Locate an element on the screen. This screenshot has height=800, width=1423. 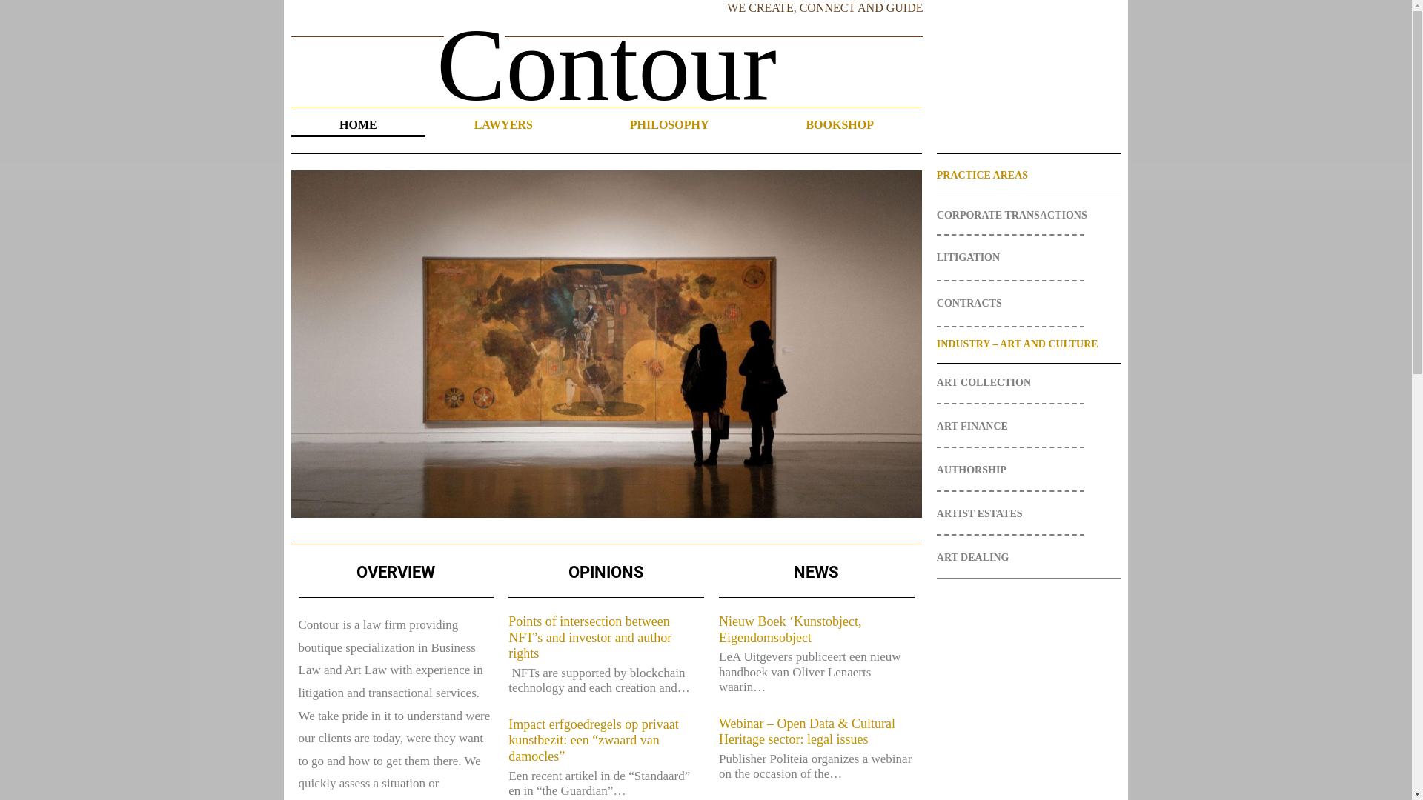
'BOOKSHOP' is located at coordinates (840, 124).